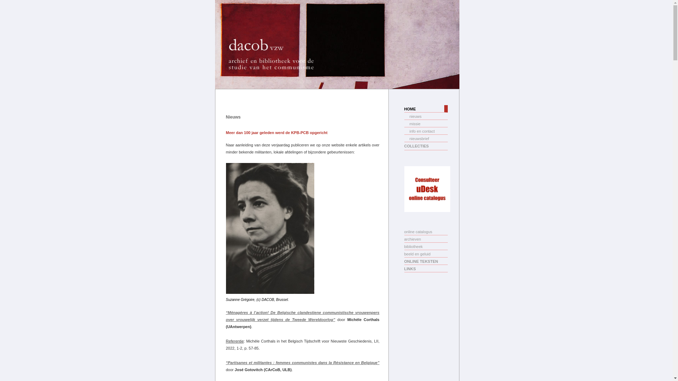 Image resolution: width=678 pixels, height=381 pixels. What do you see at coordinates (404, 109) in the screenshot?
I see `'HOME'` at bounding box center [404, 109].